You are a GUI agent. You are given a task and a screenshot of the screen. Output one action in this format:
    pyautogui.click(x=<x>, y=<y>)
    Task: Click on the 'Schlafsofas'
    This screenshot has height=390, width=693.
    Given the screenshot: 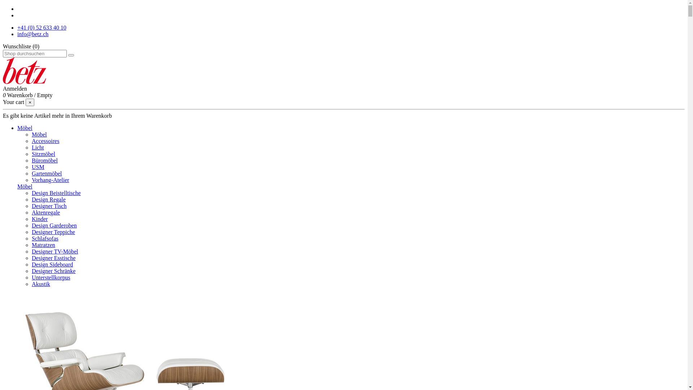 What is the action you would take?
    pyautogui.click(x=44, y=238)
    